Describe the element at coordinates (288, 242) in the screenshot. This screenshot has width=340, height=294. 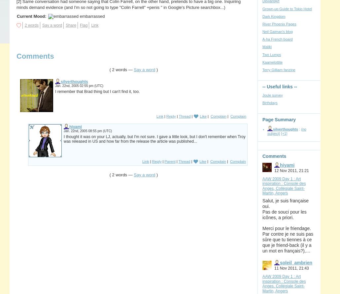
I see `'Par contre je ne suis pas sûre que tu tiennes à ce que je friend-back (il y a un mot en français?),…'` at that location.